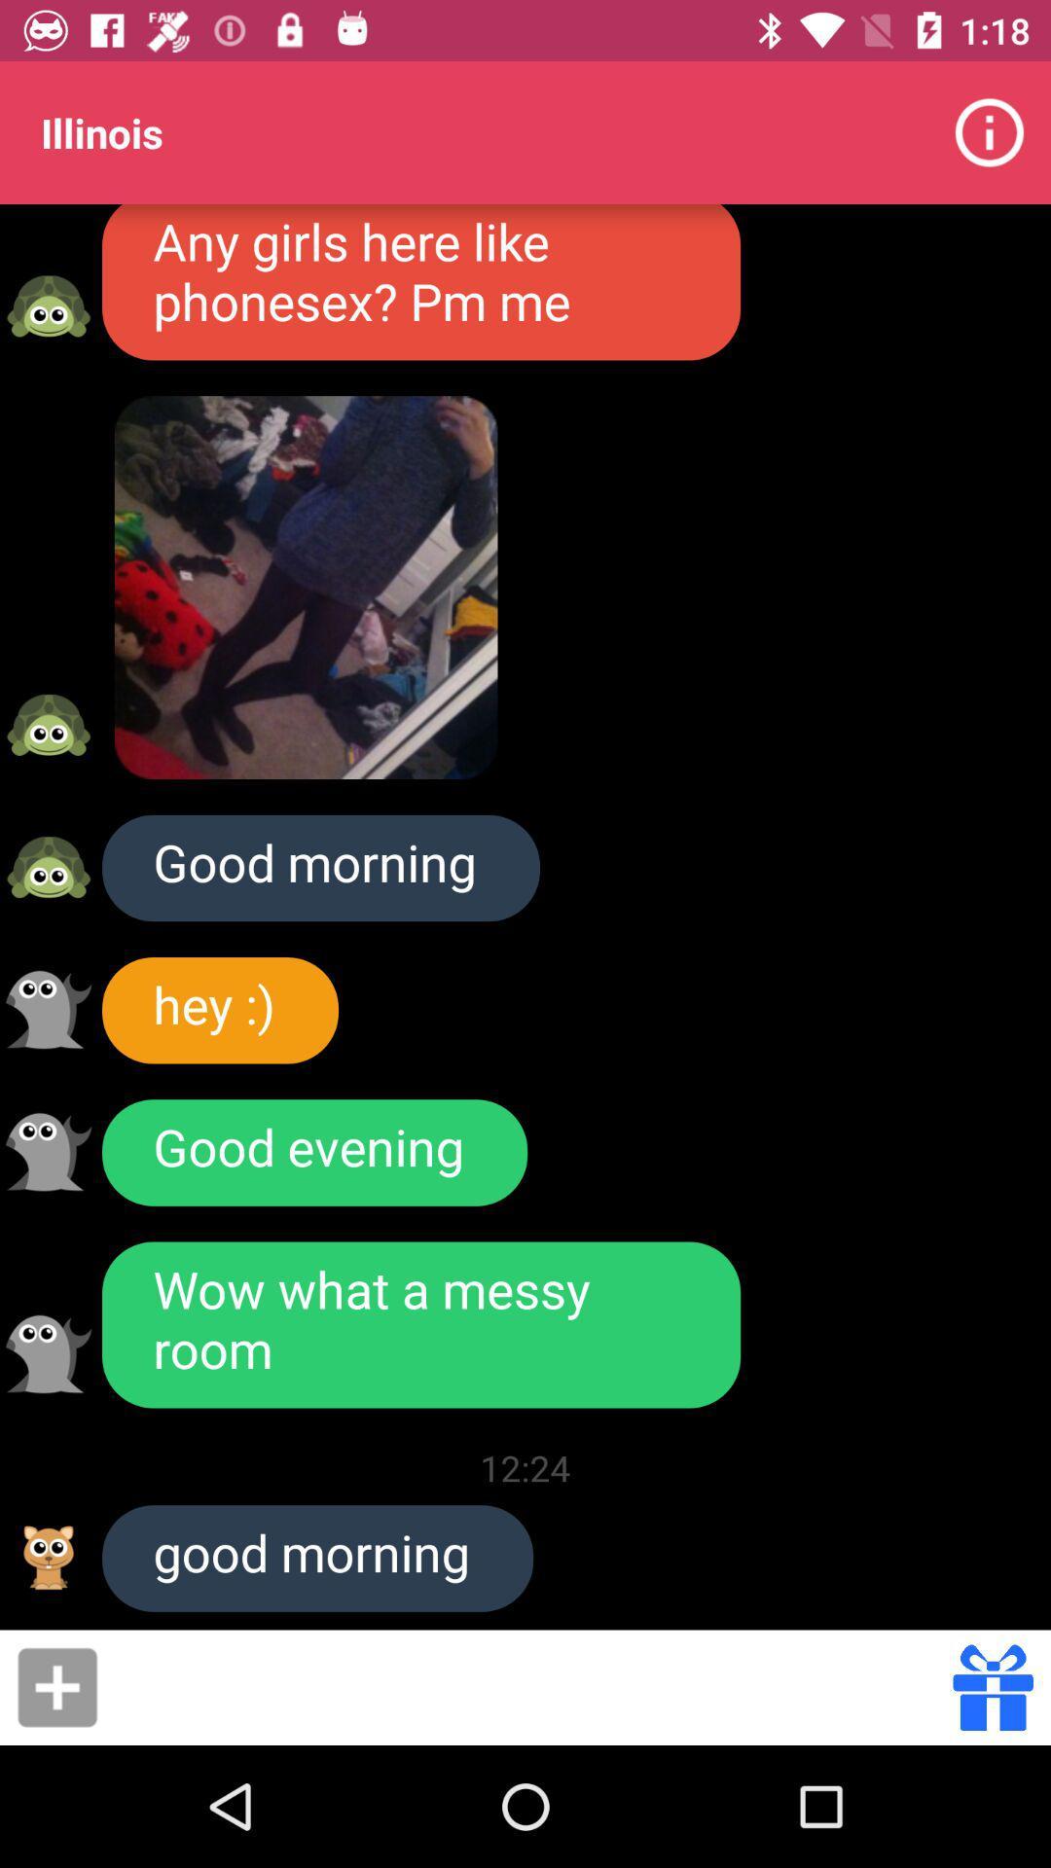  What do you see at coordinates (420, 1324) in the screenshot?
I see `item above the 12:24 icon` at bounding box center [420, 1324].